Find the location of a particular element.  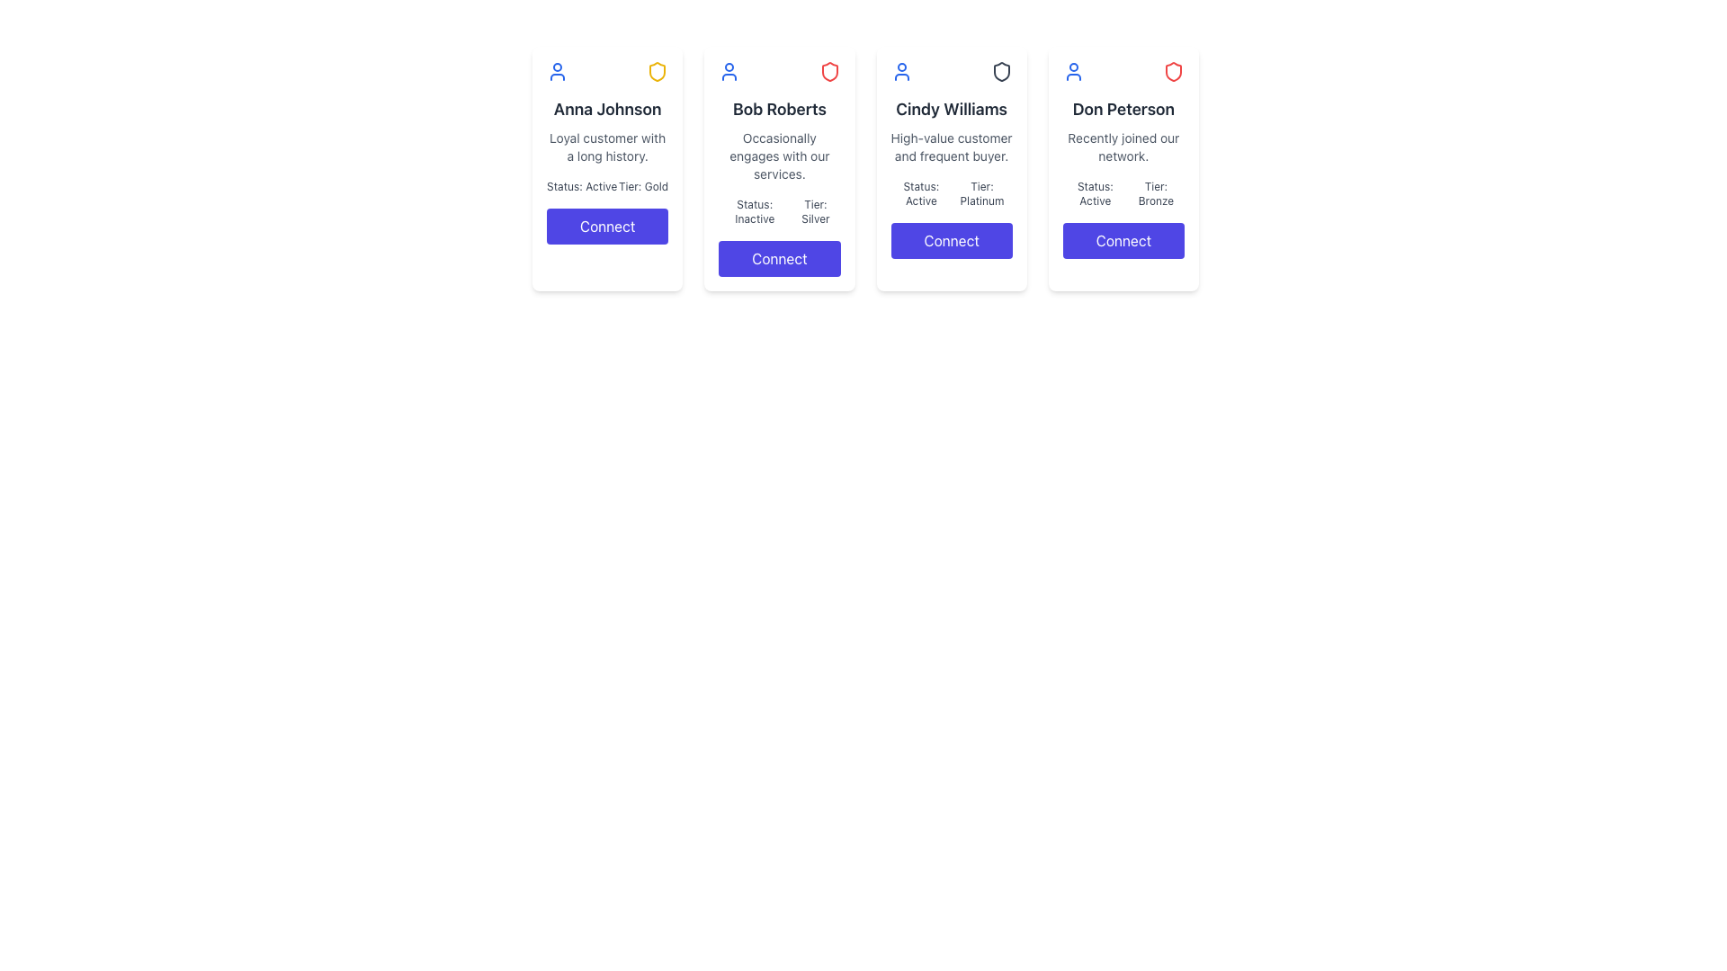

the Static Text Label that displays the name of the individual represented by the profile card, located in the top section of the fourth card from the left in a horizontal list of profile cards is located at coordinates (1123, 110).